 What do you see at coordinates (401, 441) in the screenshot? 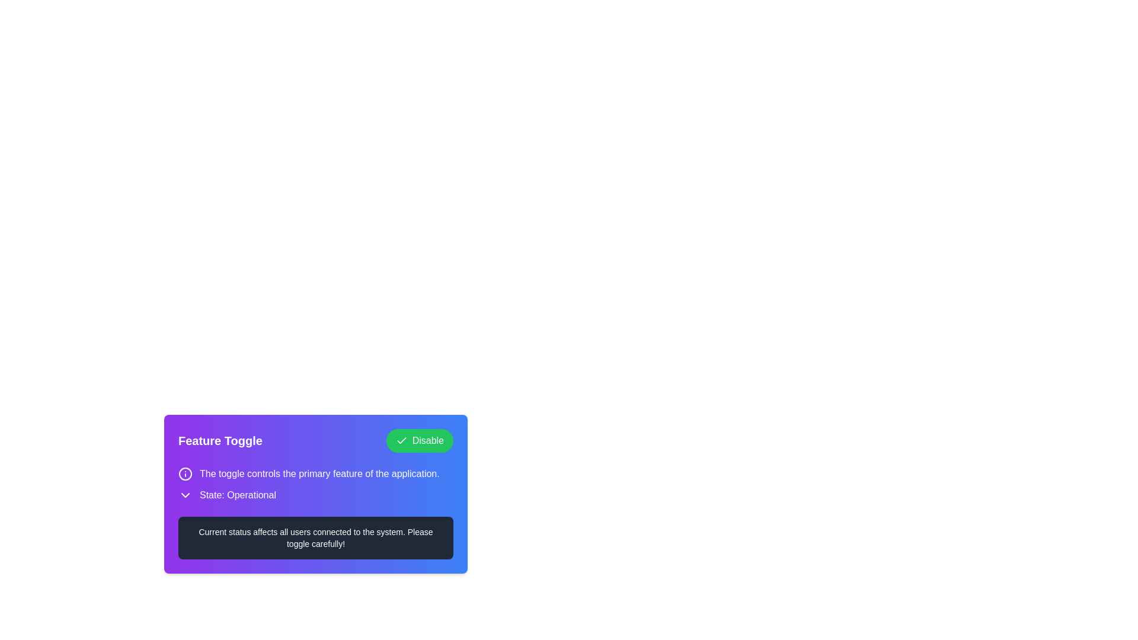
I see `the small check mark icon styled in a green circular background located to the left of the 'Disable' button on the purple card` at bounding box center [401, 441].